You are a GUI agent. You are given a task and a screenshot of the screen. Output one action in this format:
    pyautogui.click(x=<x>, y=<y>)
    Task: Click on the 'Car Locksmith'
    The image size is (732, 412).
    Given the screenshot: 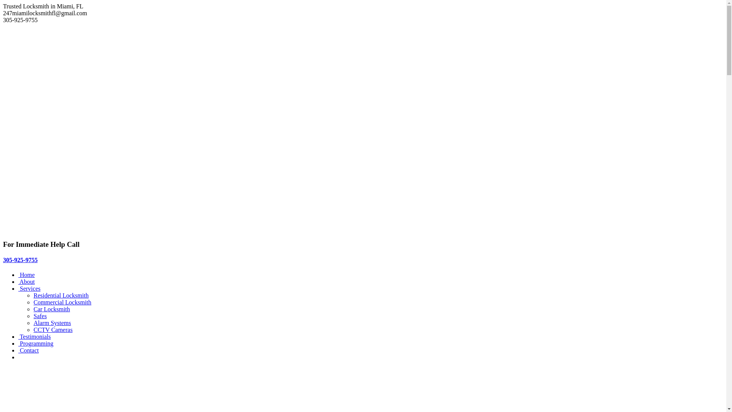 What is the action you would take?
    pyautogui.click(x=33, y=309)
    